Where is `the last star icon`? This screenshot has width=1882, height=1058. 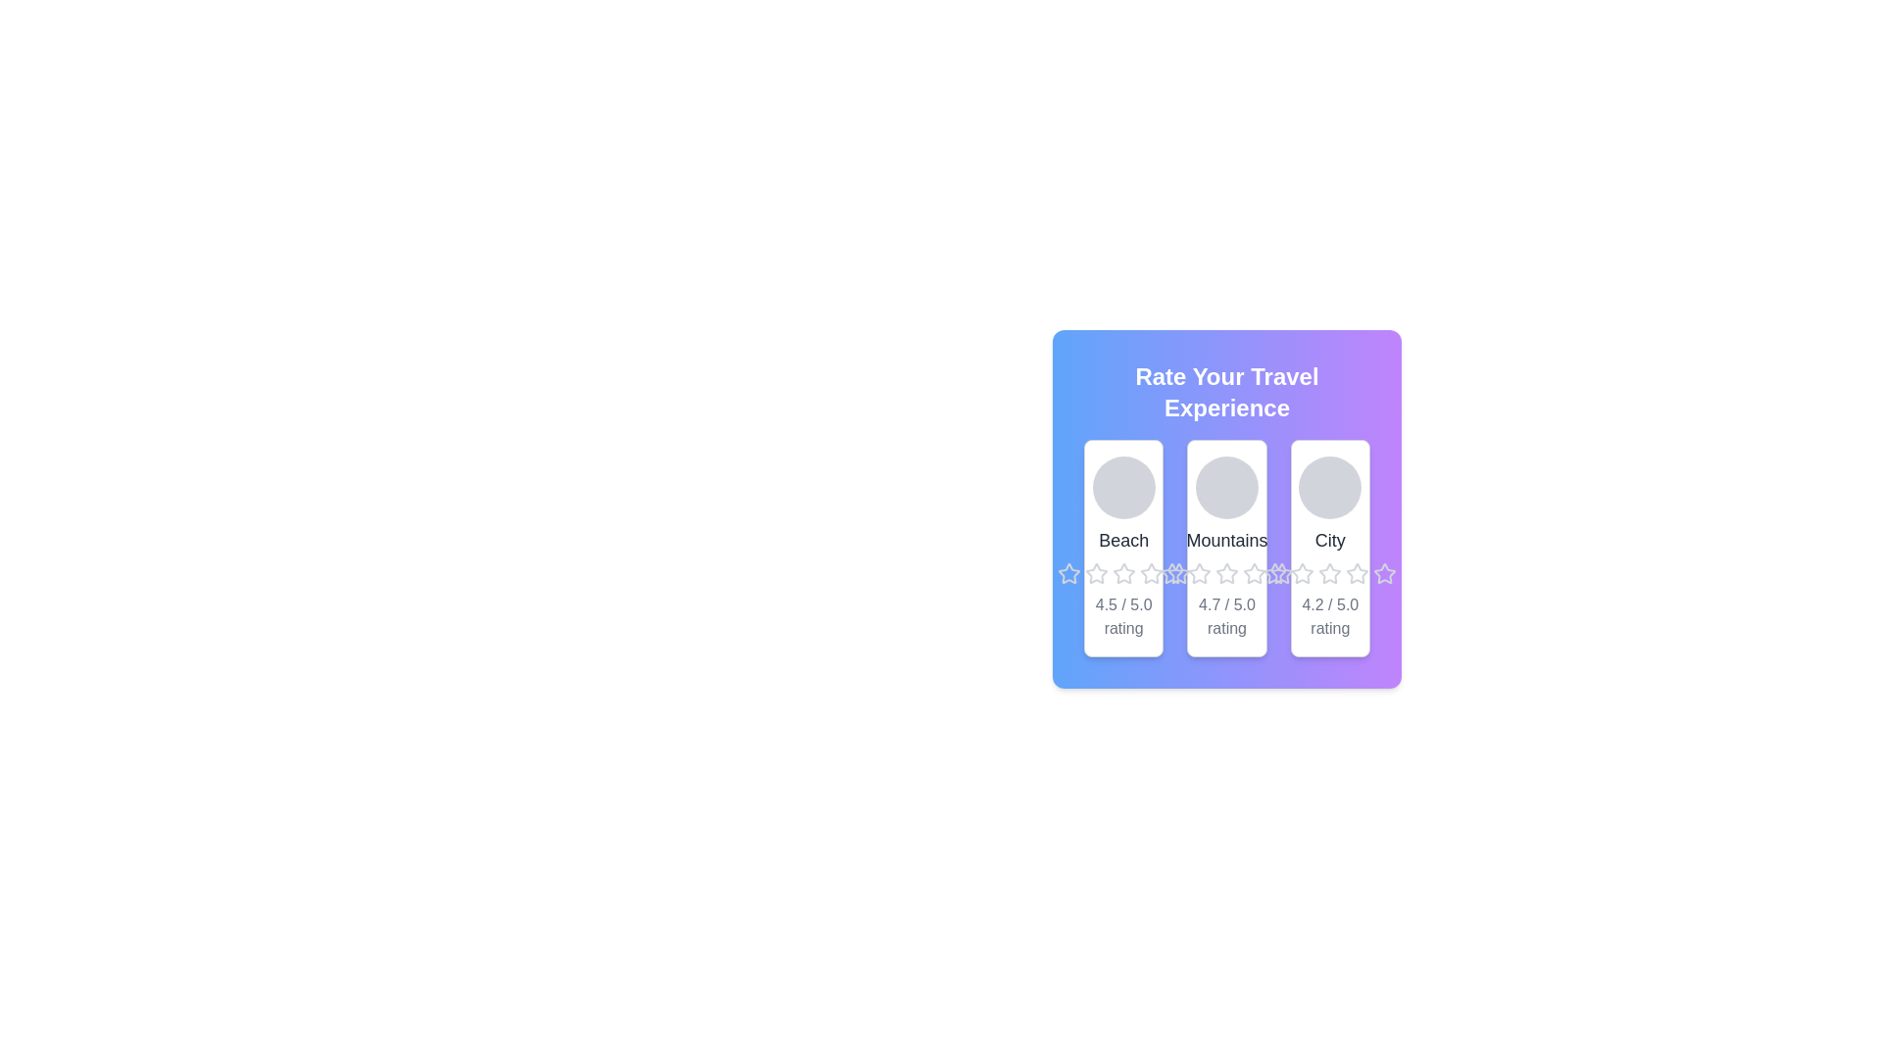
the last star icon is located at coordinates (1384, 573).